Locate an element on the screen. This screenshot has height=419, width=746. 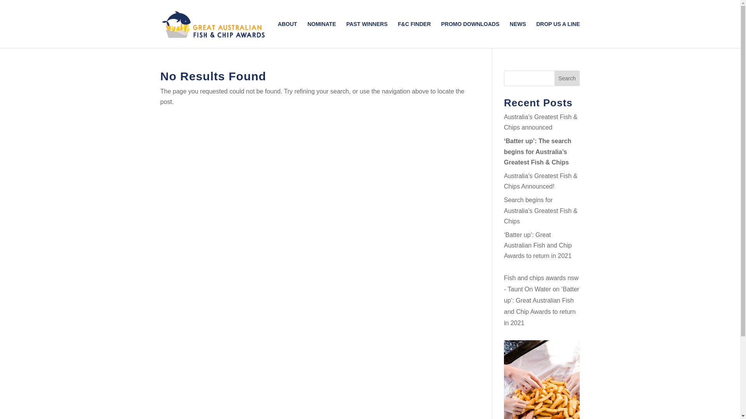
'PROMO DOWNLOADS' is located at coordinates (441, 34).